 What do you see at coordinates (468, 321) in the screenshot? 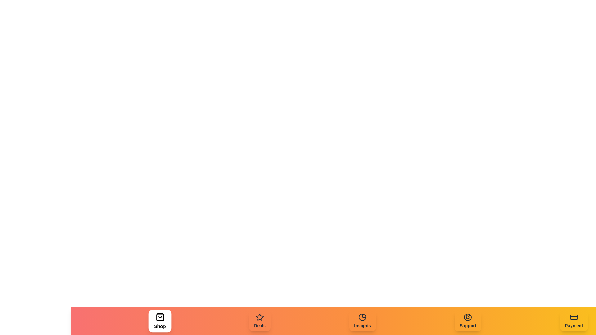
I see `the Support tab to navigate to its section` at bounding box center [468, 321].